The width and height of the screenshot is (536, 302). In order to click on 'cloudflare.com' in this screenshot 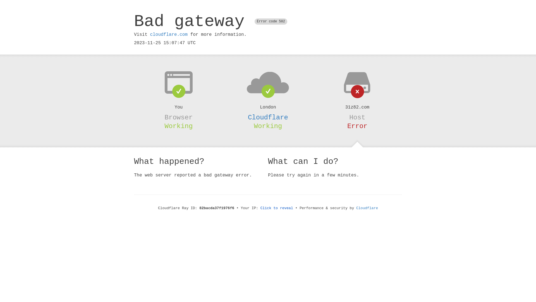, I will do `click(168, 34)`.